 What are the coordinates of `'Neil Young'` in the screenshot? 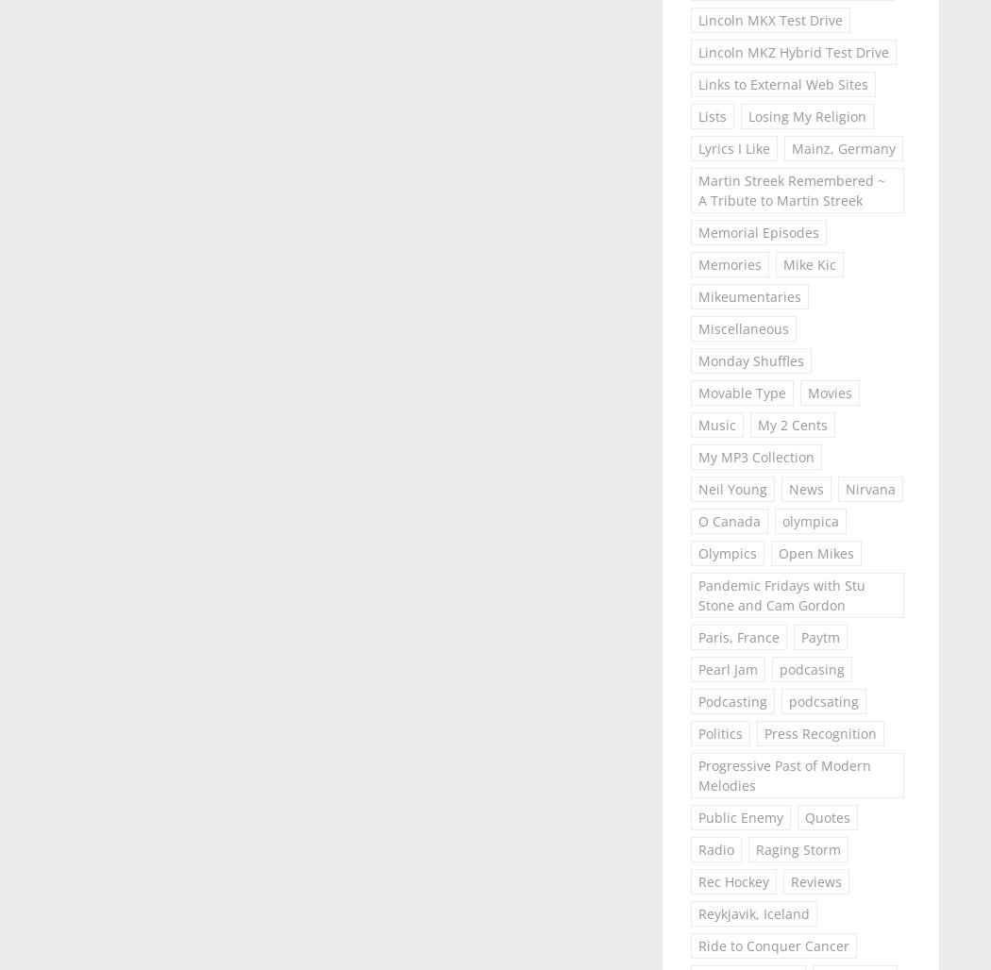 It's located at (731, 489).